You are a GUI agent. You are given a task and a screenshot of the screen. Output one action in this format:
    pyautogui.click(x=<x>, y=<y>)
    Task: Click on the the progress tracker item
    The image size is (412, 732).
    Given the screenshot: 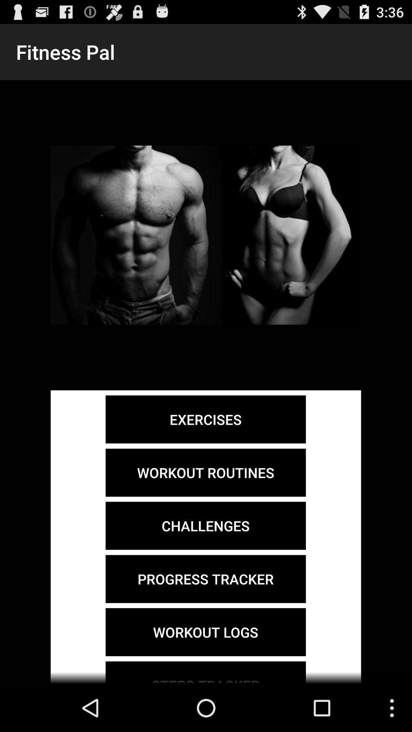 What is the action you would take?
    pyautogui.click(x=205, y=579)
    